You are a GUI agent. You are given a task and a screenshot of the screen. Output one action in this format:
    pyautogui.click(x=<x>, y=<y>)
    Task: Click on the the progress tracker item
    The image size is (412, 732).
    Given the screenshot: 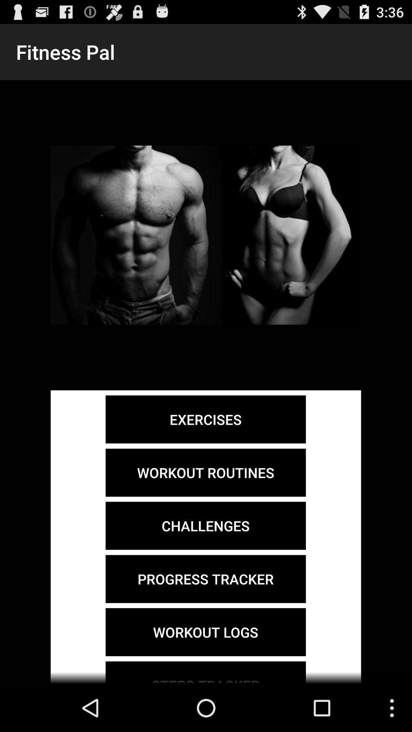 What is the action you would take?
    pyautogui.click(x=205, y=579)
    